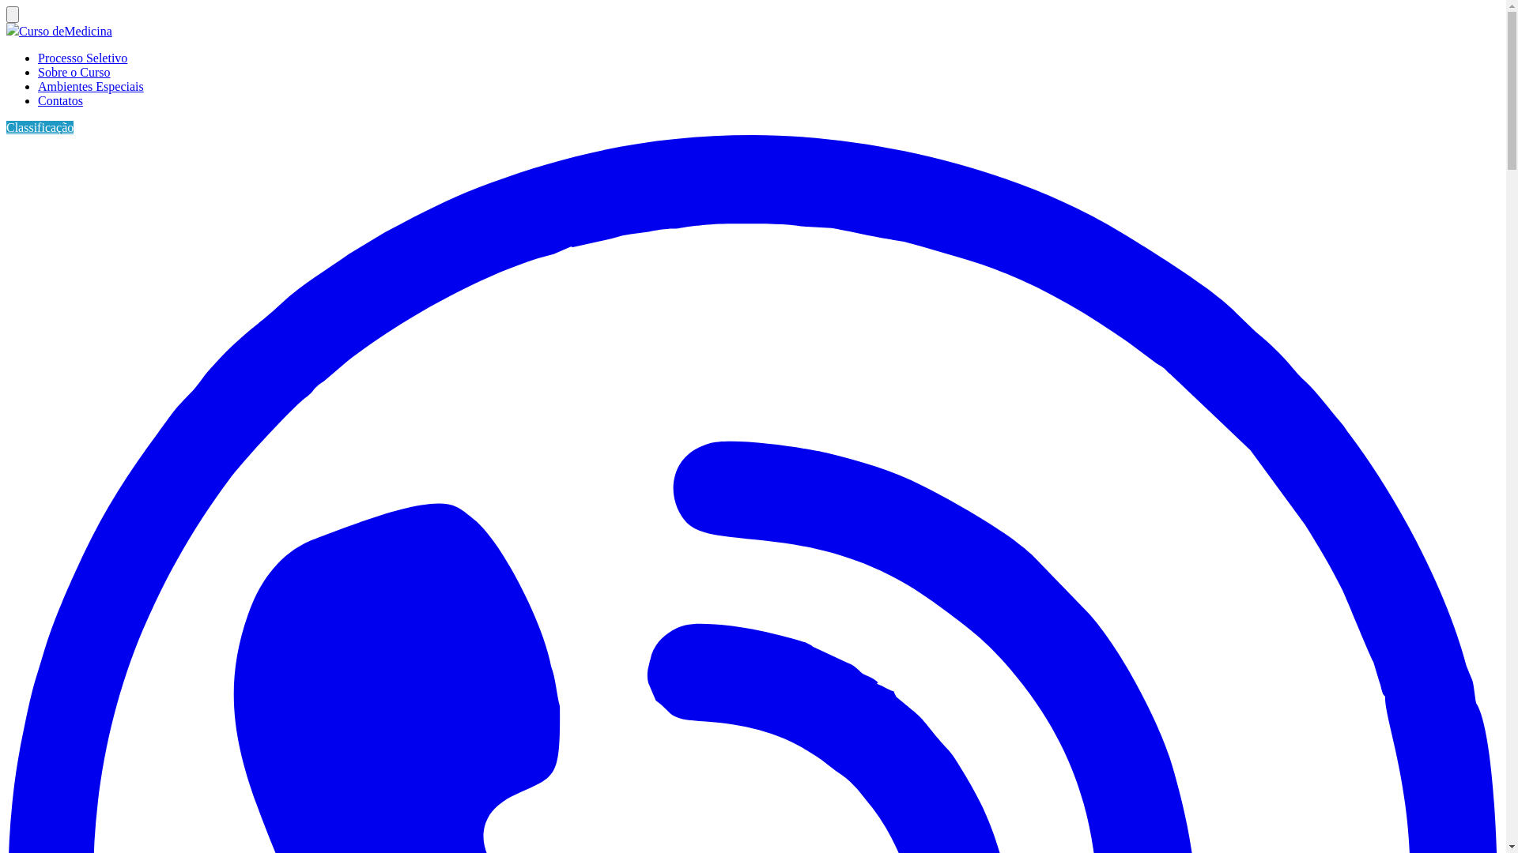 The width and height of the screenshot is (1518, 853). I want to click on 'Curso deMedicina', so click(64, 31).